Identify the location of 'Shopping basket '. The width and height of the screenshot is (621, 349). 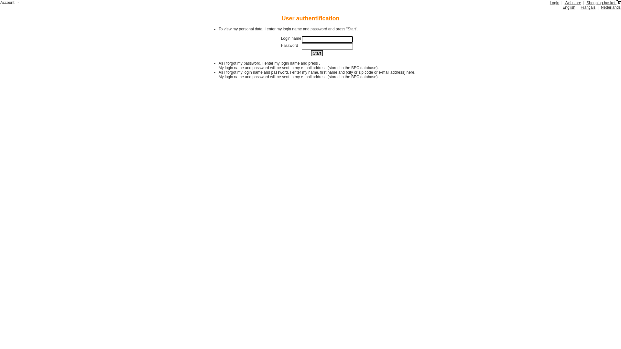
(603, 3).